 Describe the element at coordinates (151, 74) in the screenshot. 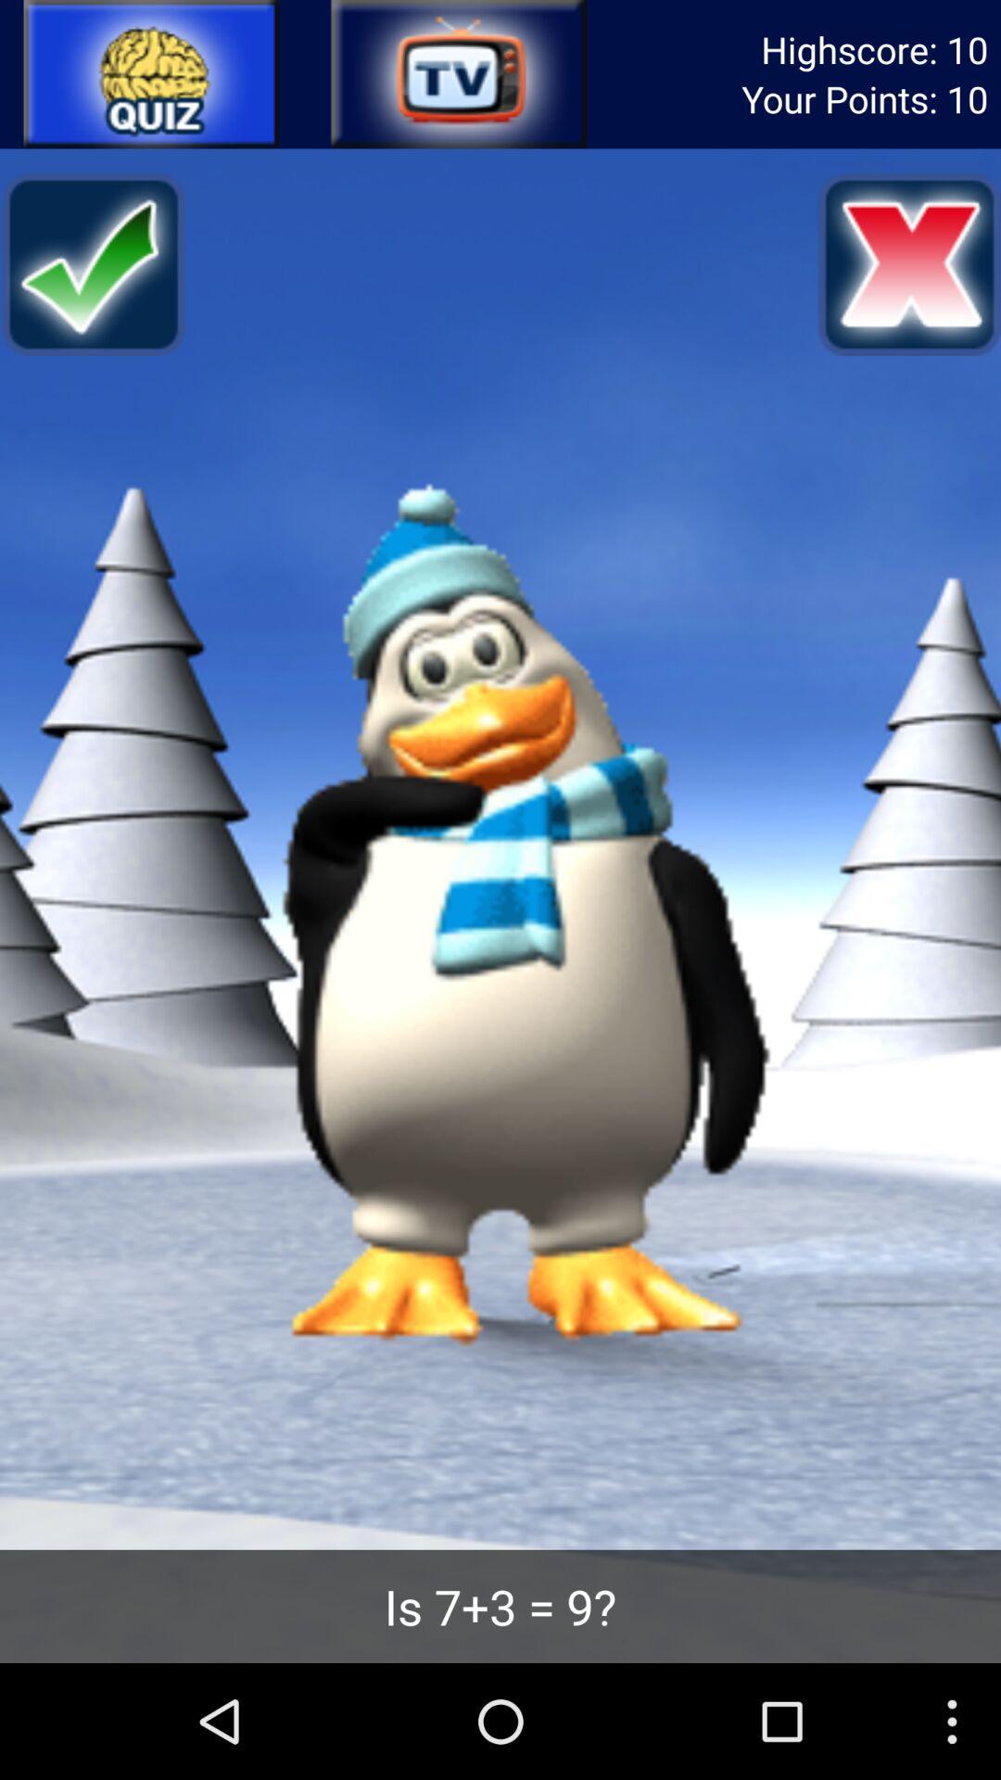

I see `take quiz` at that location.